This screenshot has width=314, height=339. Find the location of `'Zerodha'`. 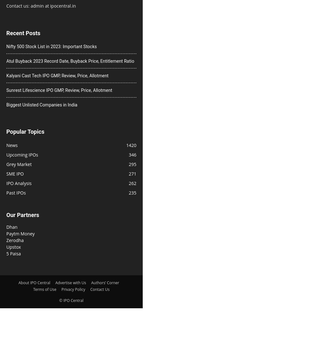

'Zerodha' is located at coordinates (15, 240).